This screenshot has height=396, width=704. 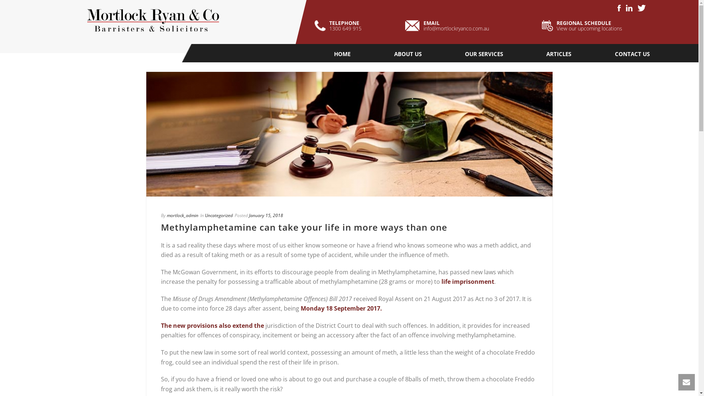 What do you see at coordinates (456, 28) in the screenshot?
I see `'info@mortlockryanco.com.au'` at bounding box center [456, 28].